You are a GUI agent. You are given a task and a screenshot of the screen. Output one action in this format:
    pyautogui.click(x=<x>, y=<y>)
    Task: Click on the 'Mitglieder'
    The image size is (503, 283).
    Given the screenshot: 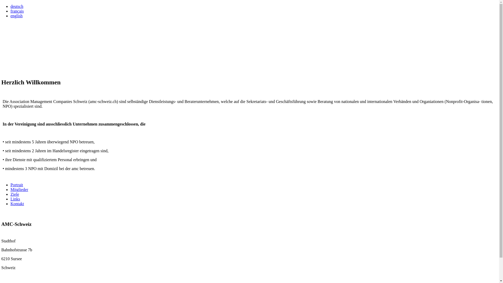 What is the action you would take?
    pyautogui.click(x=19, y=189)
    